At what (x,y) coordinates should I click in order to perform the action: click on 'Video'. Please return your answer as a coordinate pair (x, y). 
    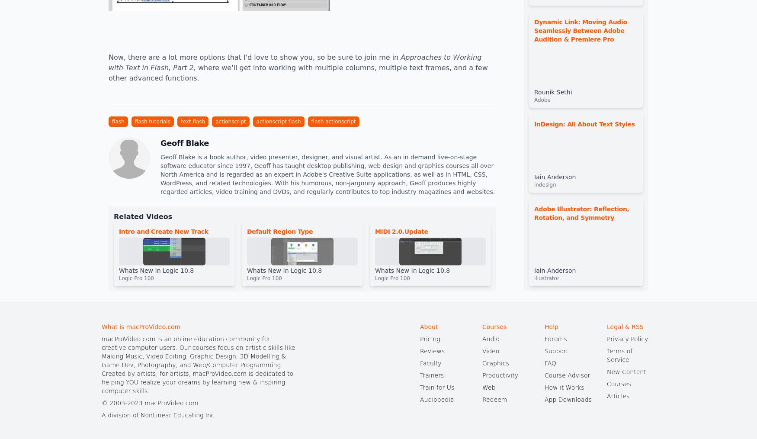
    Looking at the image, I should click on (490, 351).